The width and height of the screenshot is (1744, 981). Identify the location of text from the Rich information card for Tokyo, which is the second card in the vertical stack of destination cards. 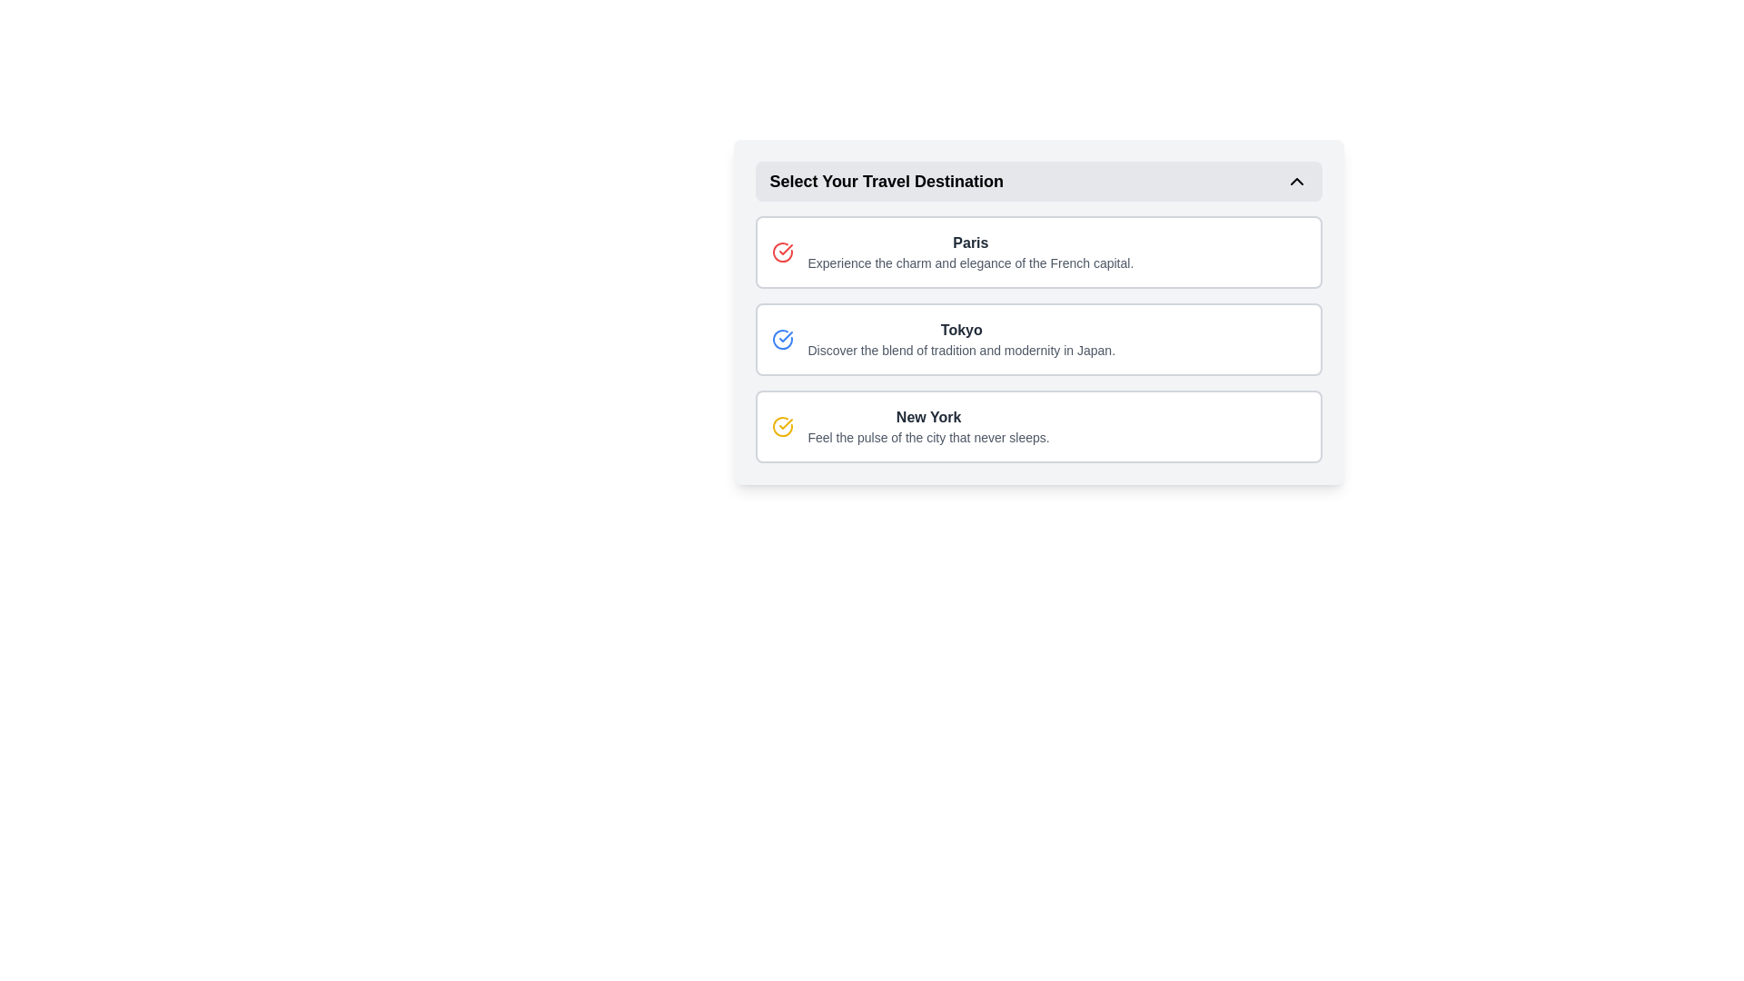
(1038, 340).